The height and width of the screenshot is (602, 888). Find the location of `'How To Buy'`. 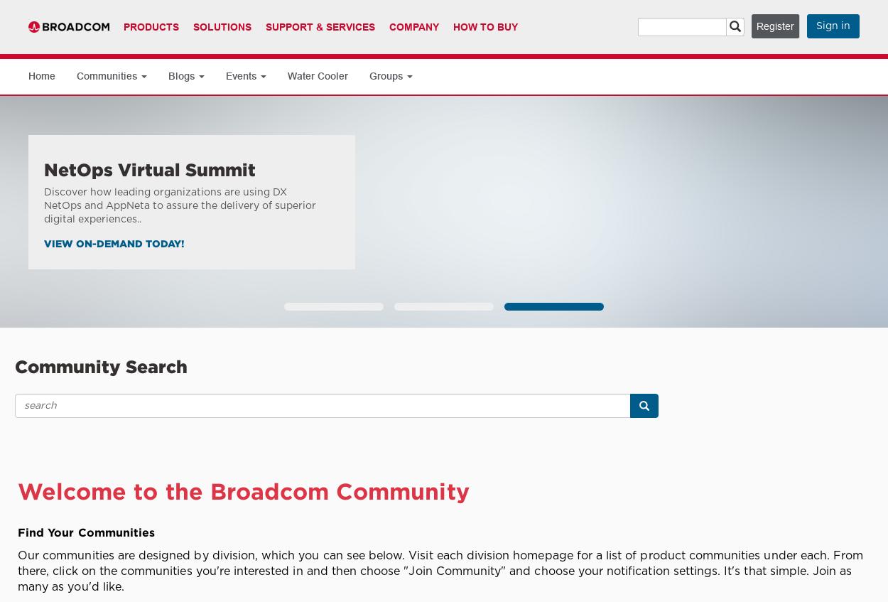

'How To Buy' is located at coordinates (485, 26).